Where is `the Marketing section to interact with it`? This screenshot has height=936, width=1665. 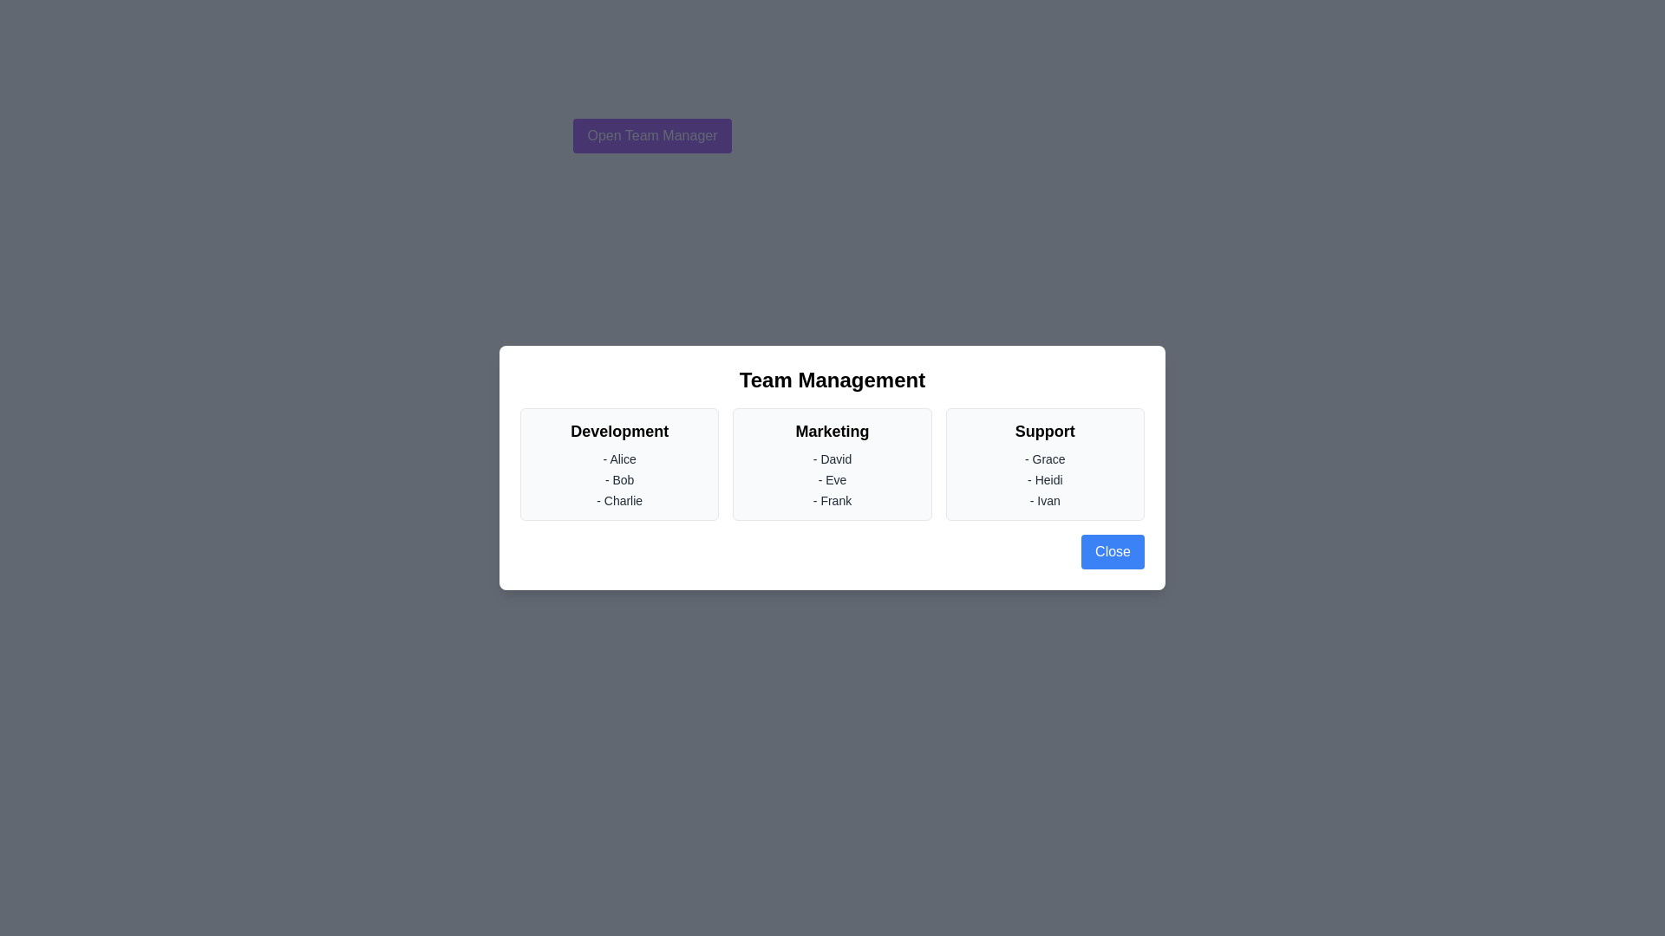
the Marketing section to interact with it is located at coordinates (832, 464).